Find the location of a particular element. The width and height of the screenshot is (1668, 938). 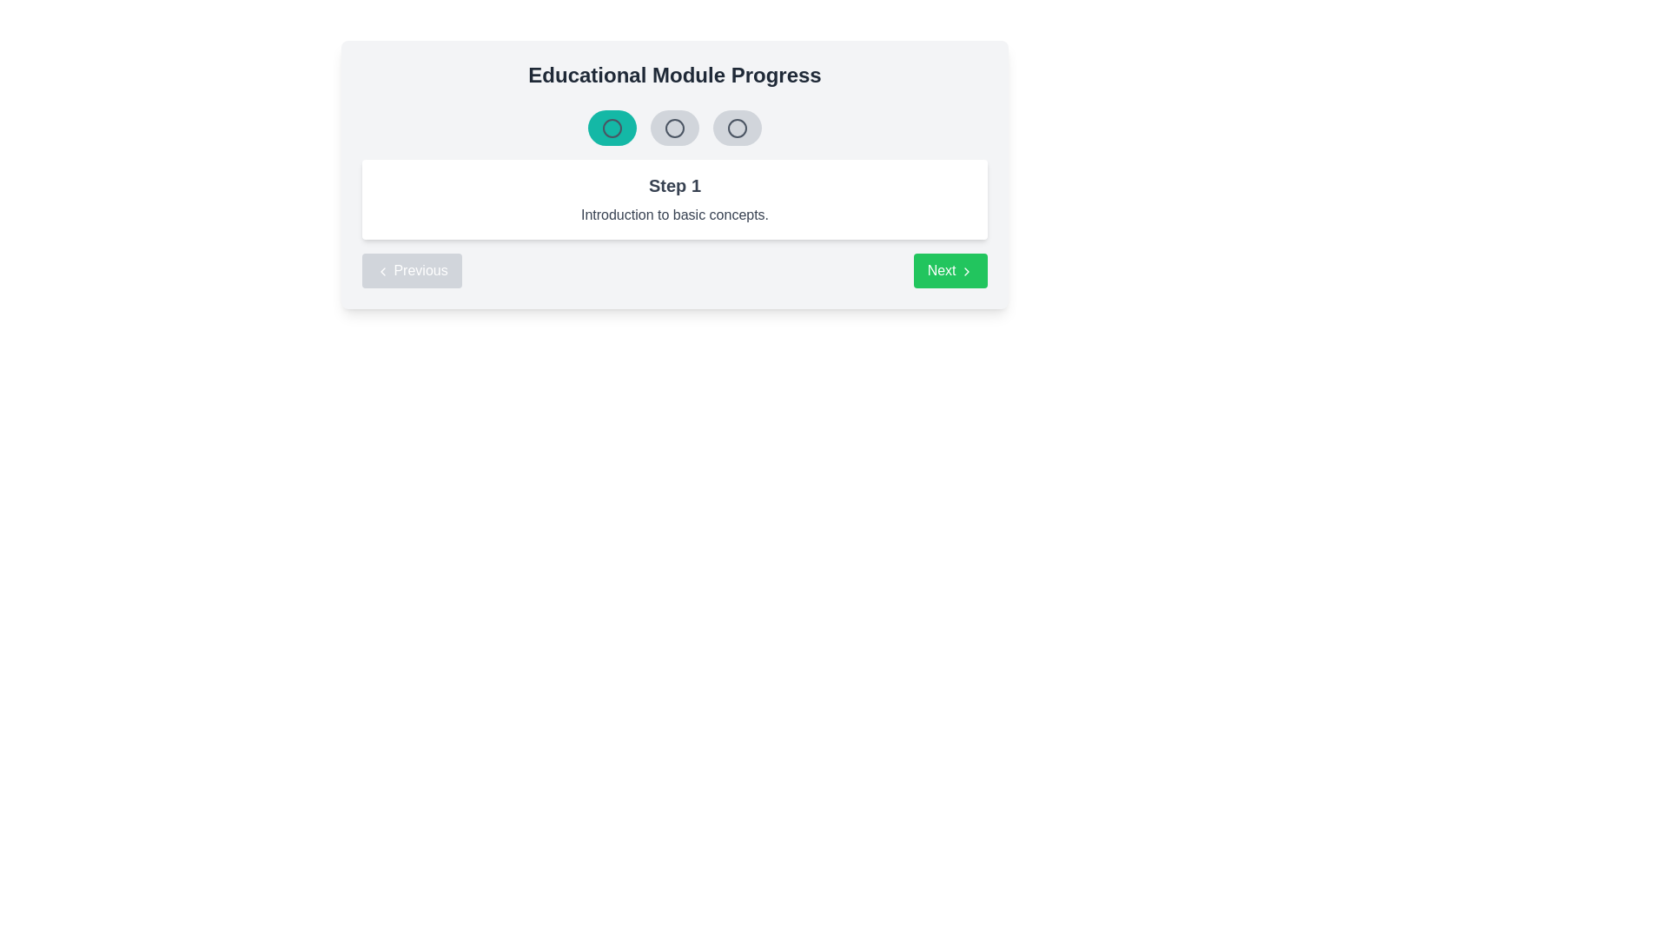

the leftmost navigation button that allows users to go back to the previous step in the educational module interface through keyboard navigation is located at coordinates (411, 270).